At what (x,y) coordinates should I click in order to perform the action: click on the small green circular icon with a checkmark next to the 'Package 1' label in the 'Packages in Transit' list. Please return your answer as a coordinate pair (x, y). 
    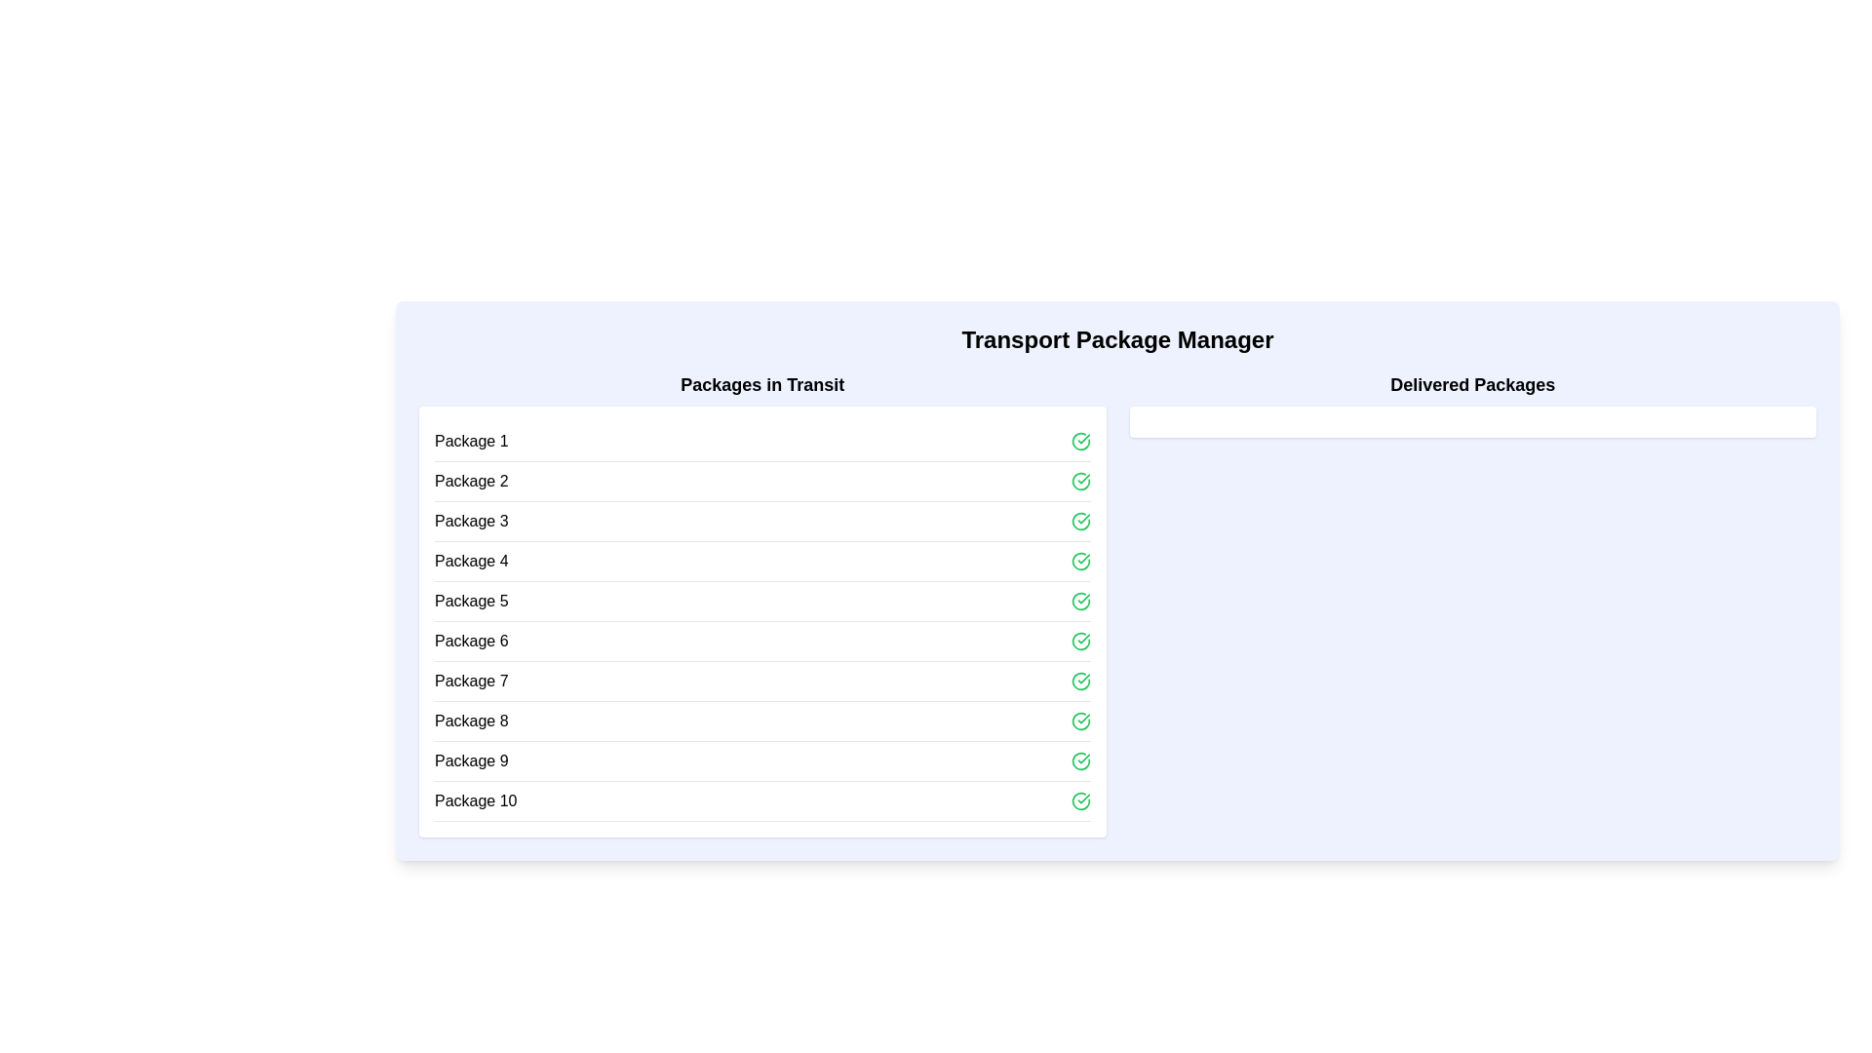
    Looking at the image, I should click on (1079, 441).